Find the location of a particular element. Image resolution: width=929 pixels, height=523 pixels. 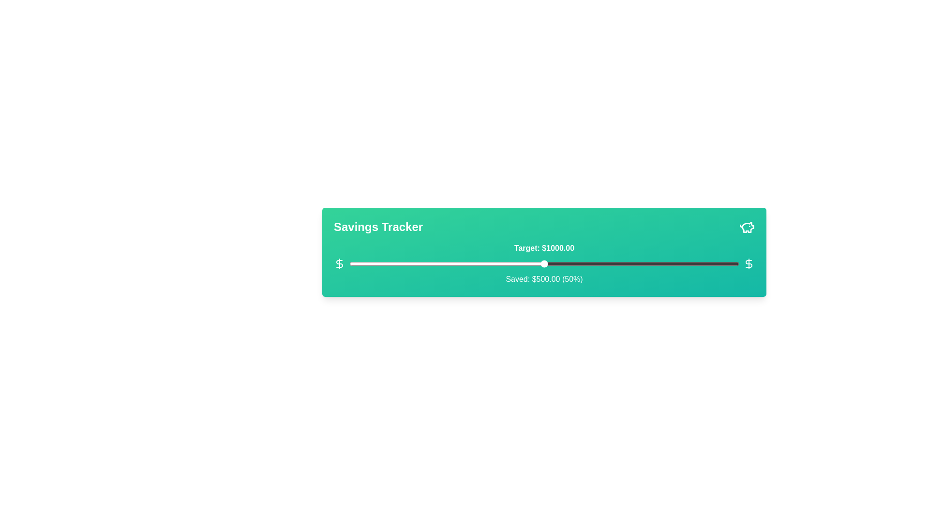

the savings tracker is located at coordinates (692, 263).